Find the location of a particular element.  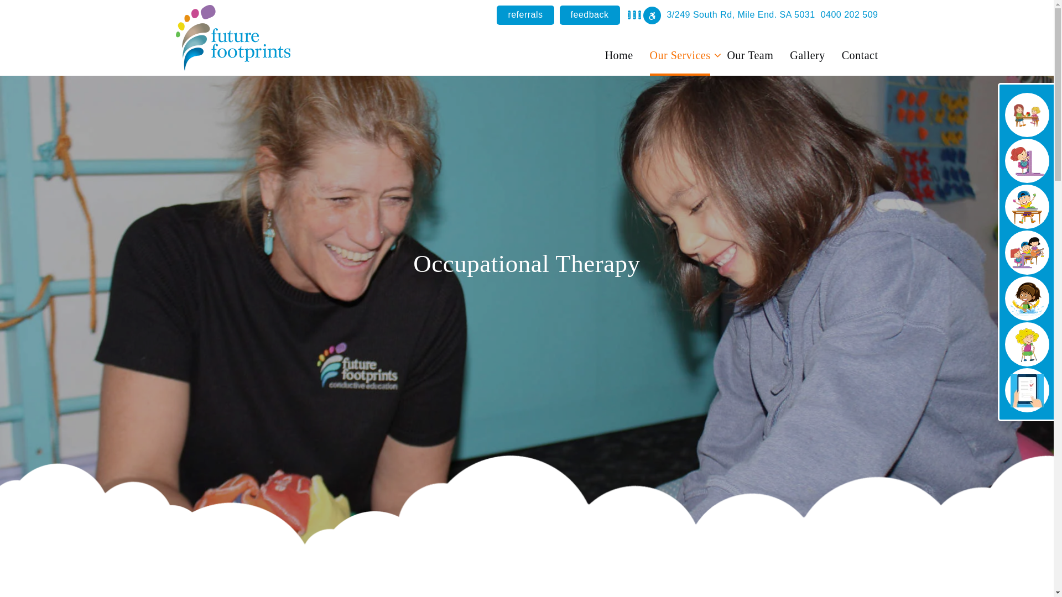

'referrals' is located at coordinates (524, 15).